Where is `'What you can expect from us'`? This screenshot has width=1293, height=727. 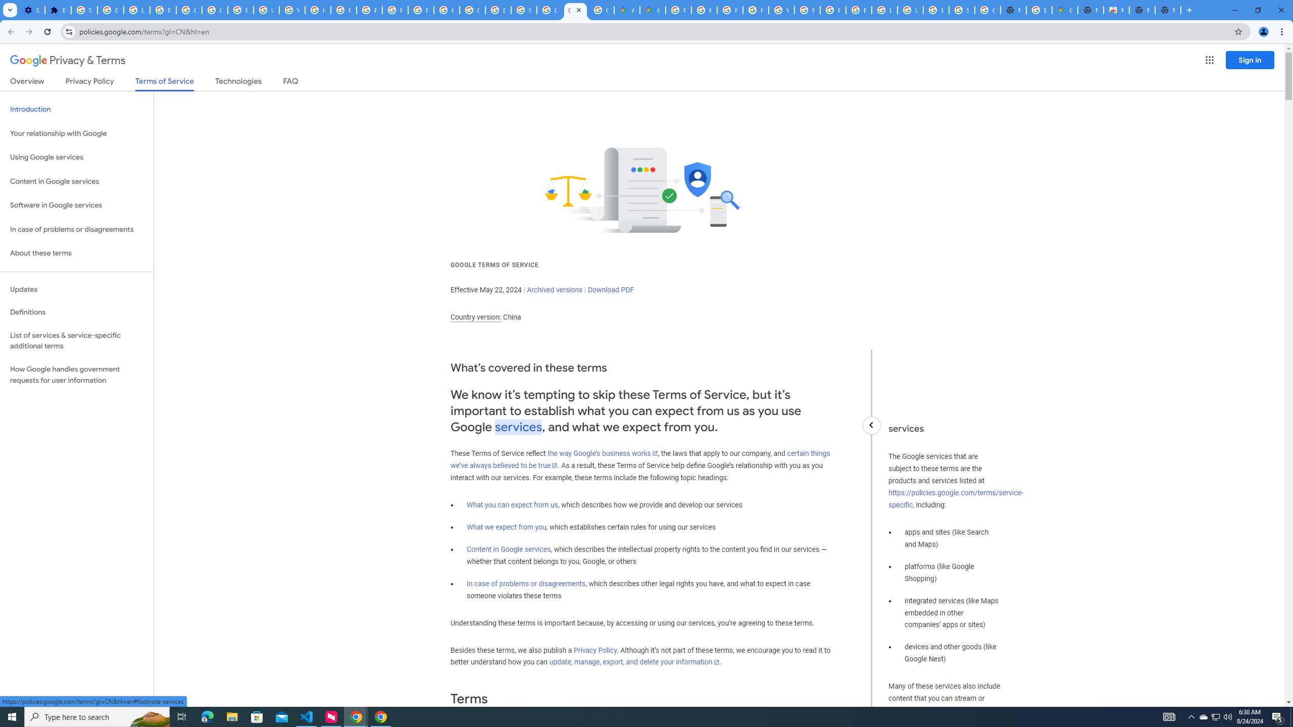 'What you can expect from us' is located at coordinates (513, 504).